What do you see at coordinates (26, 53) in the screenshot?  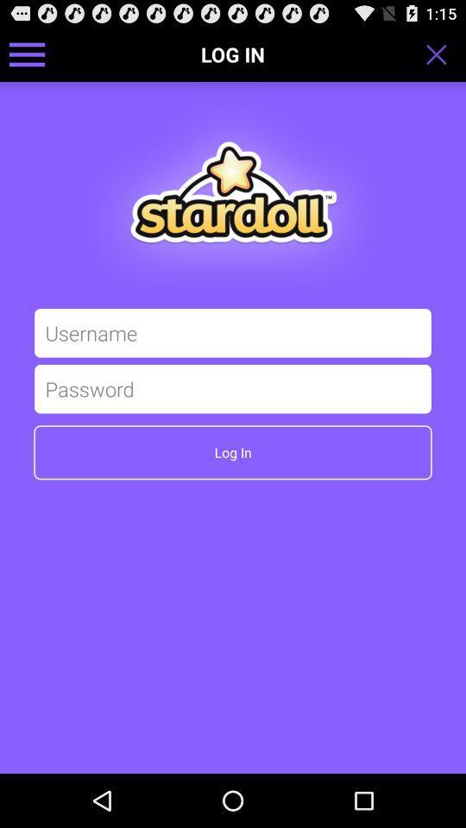 I see `icon at the top left corner` at bounding box center [26, 53].